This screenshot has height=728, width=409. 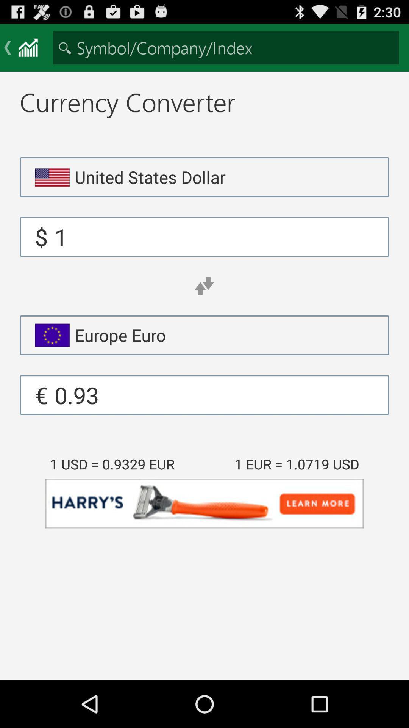 I want to click on the icon below 1 item, so click(x=204, y=286).